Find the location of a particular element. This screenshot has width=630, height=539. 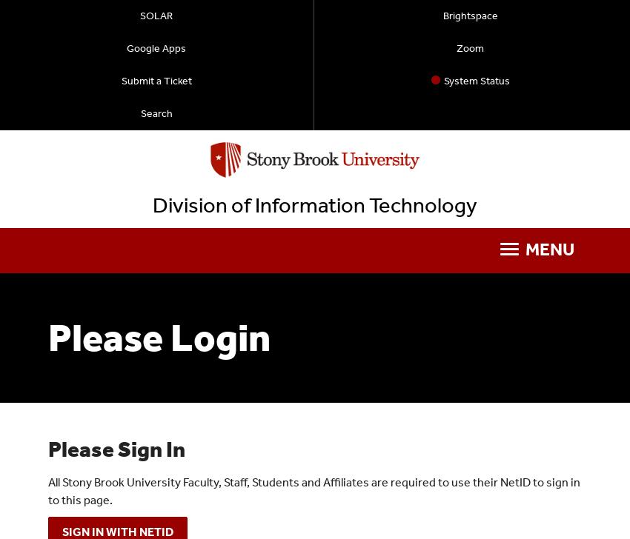

'All Stony Brook University Faculty, Staff, Students and Affiliates are required to use their NetID to sign in to this page.' is located at coordinates (314, 491).